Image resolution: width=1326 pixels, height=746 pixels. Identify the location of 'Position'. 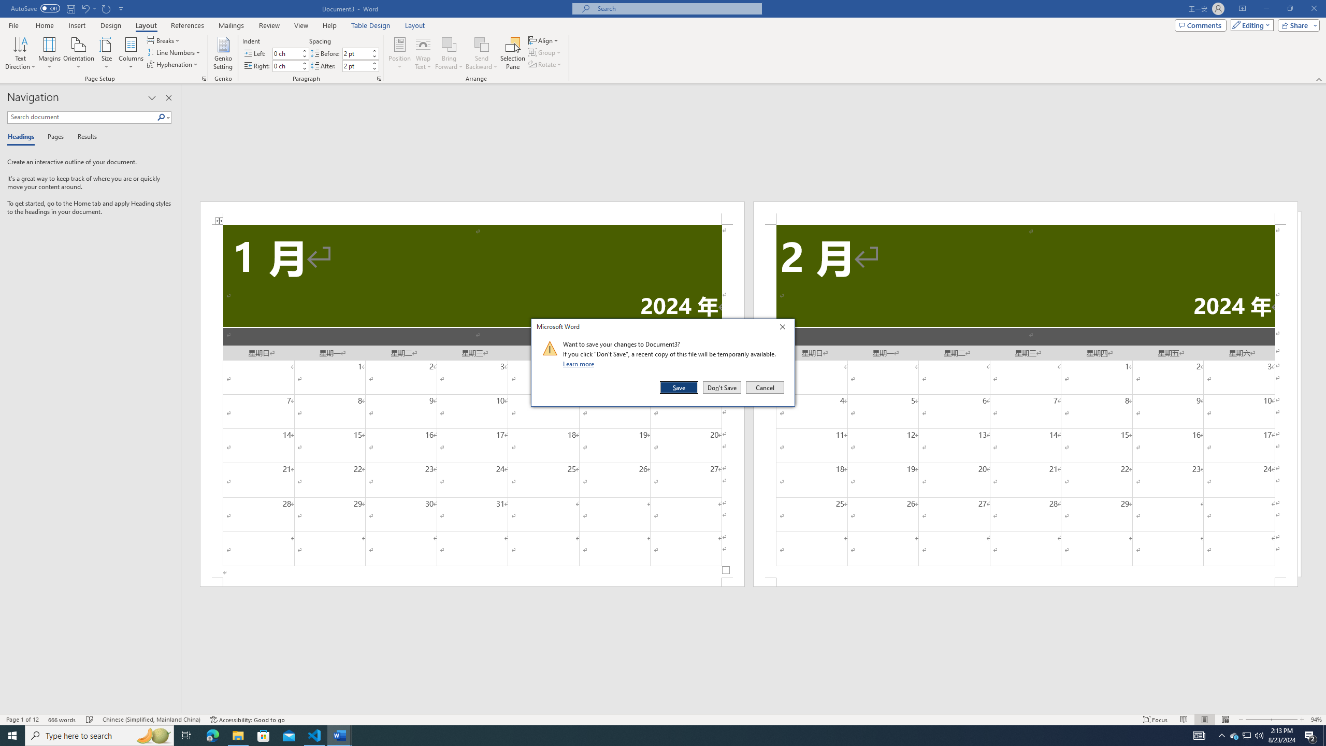
(399, 53).